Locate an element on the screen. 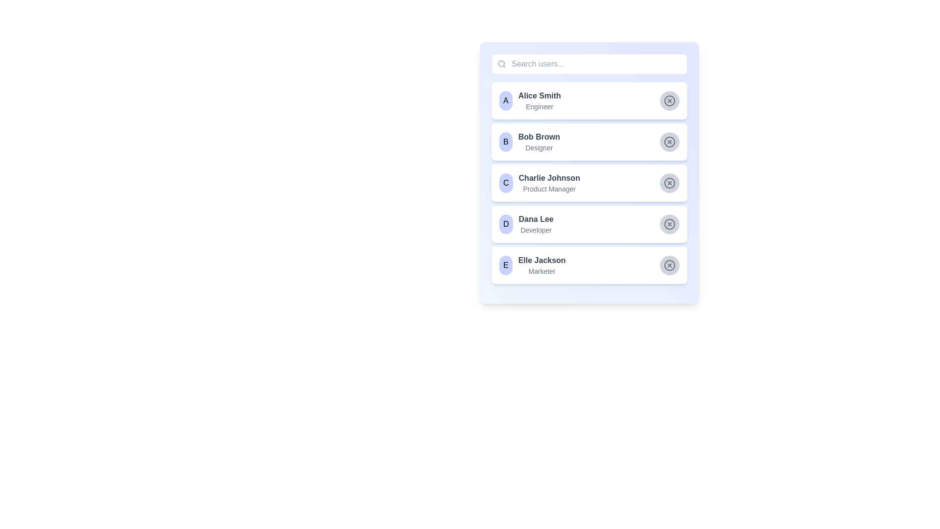 The width and height of the screenshot is (940, 529). the label displaying the text 'Dana Lee' in the fourth list item of the user selection panel is located at coordinates (536, 218).